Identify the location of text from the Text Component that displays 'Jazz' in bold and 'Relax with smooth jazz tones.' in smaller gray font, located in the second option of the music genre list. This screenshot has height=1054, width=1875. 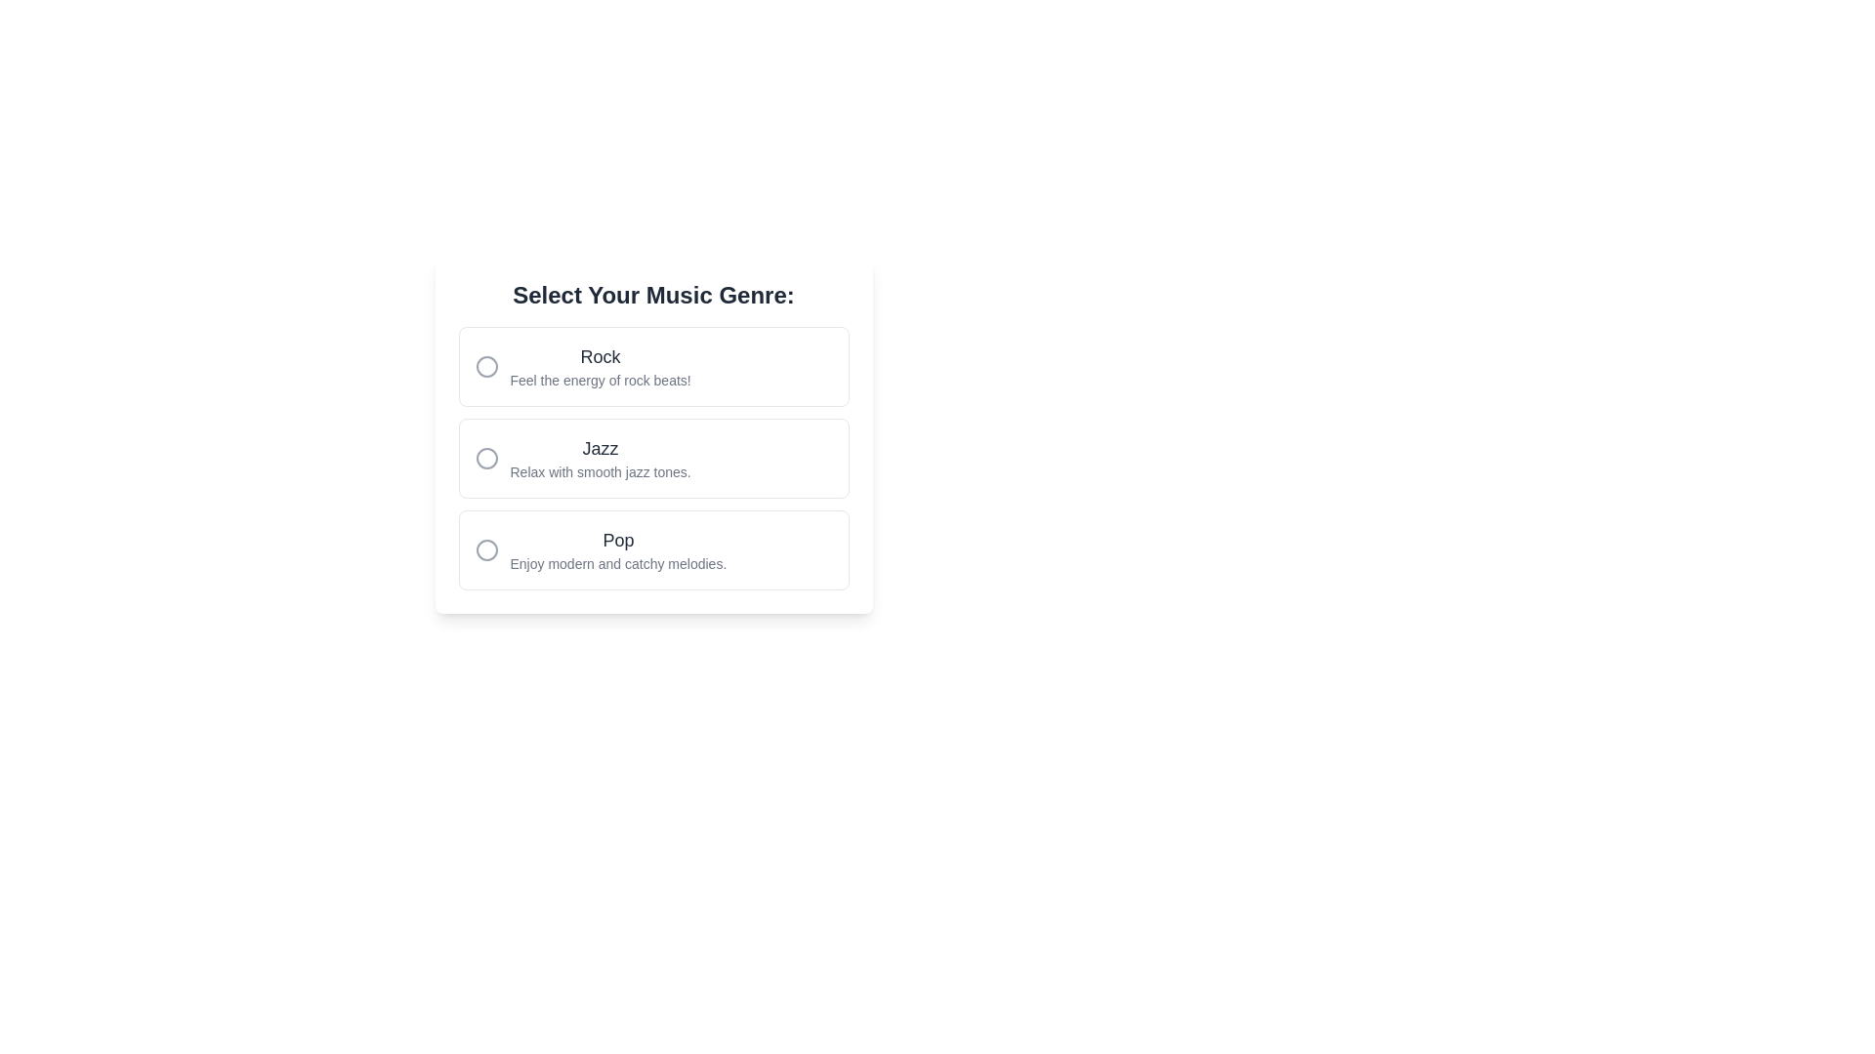
(600, 459).